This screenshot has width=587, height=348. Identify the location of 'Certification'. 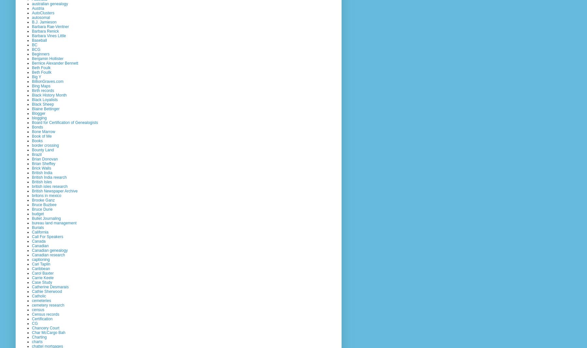
(42, 319).